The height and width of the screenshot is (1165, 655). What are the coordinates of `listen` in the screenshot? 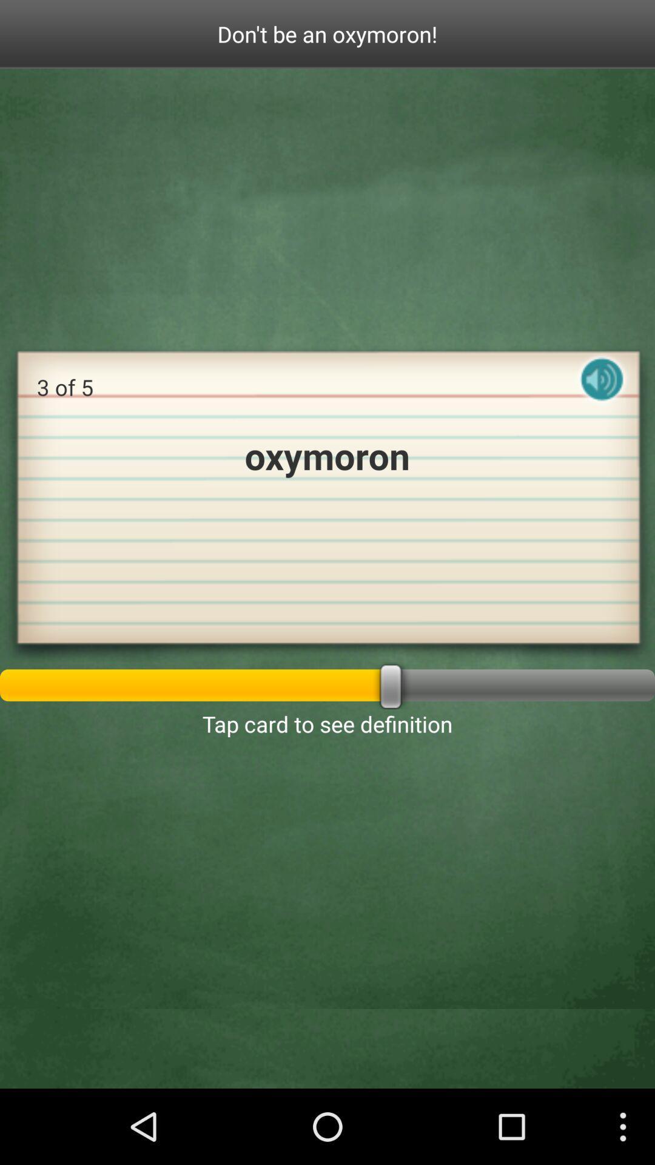 It's located at (602, 390).